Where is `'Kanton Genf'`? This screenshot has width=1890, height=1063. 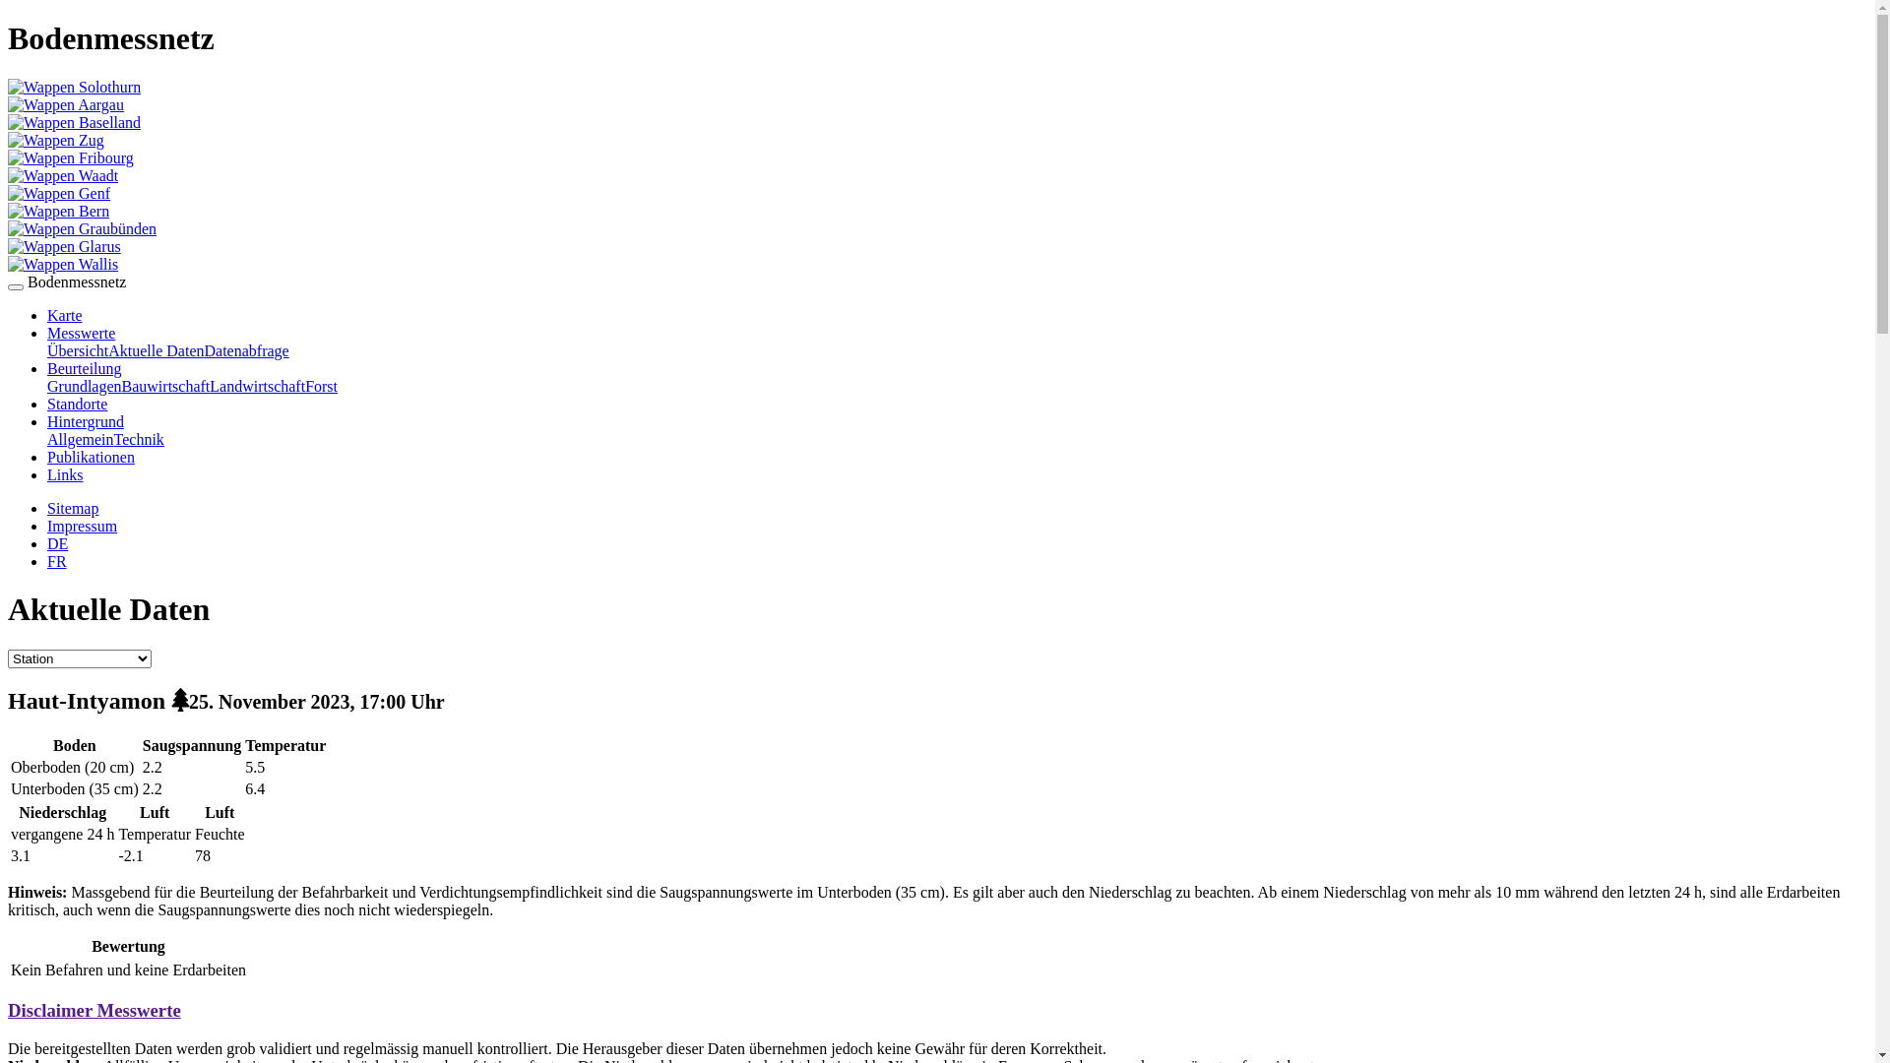 'Kanton Genf' is located at coordinates (58, 193).